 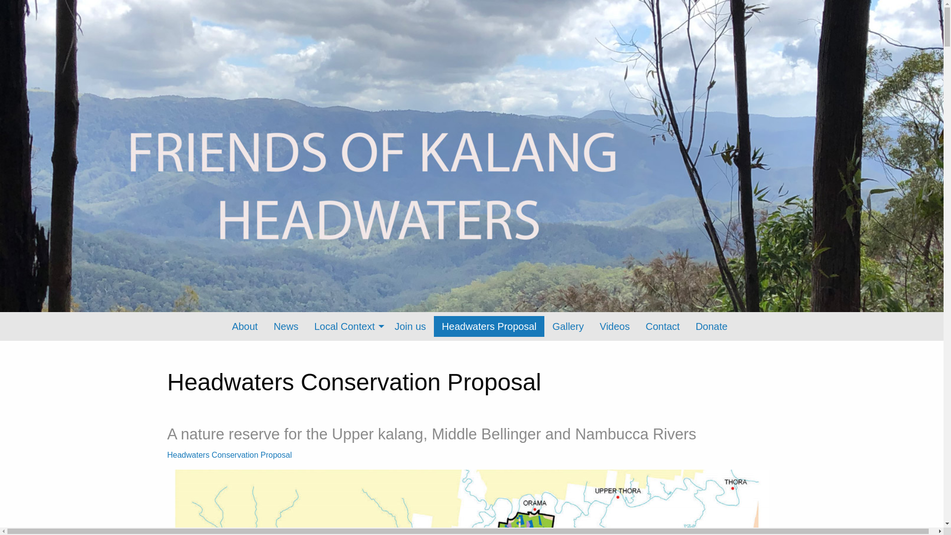 What do you see at coordinates (614, 326) in the screenshot?
I see `'Videos'` at bounding box center [614, 326].